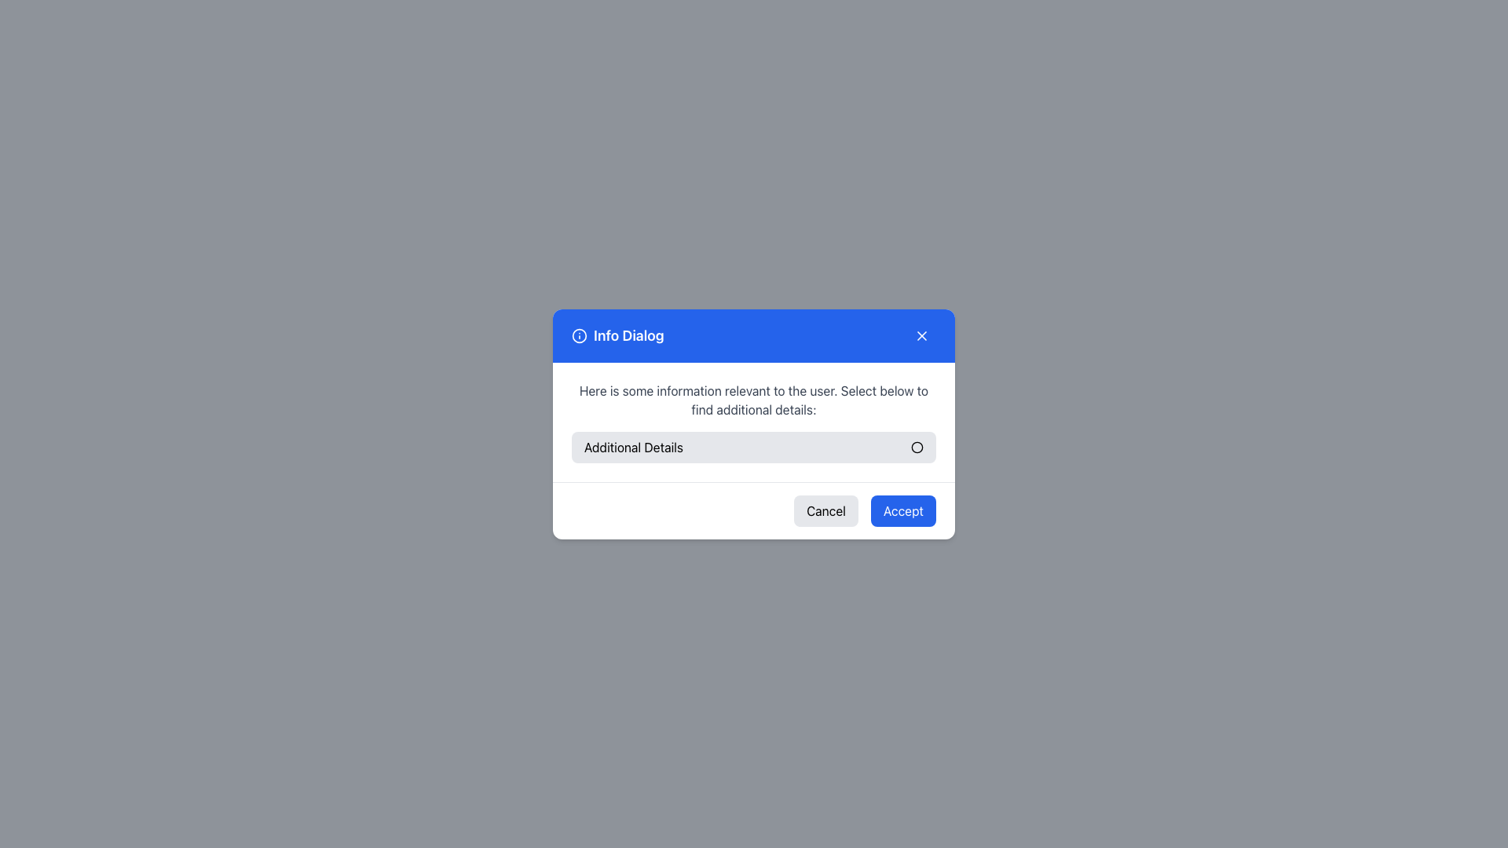 This screenshot has width=1508, height=848. What do you see at coordinates (617, 334) in the screenshot?
I see `text 'Info Dialog' from the text label with an icon positioned in the blue banner at the top of the modal dialog` at bounding box center [617, 334].